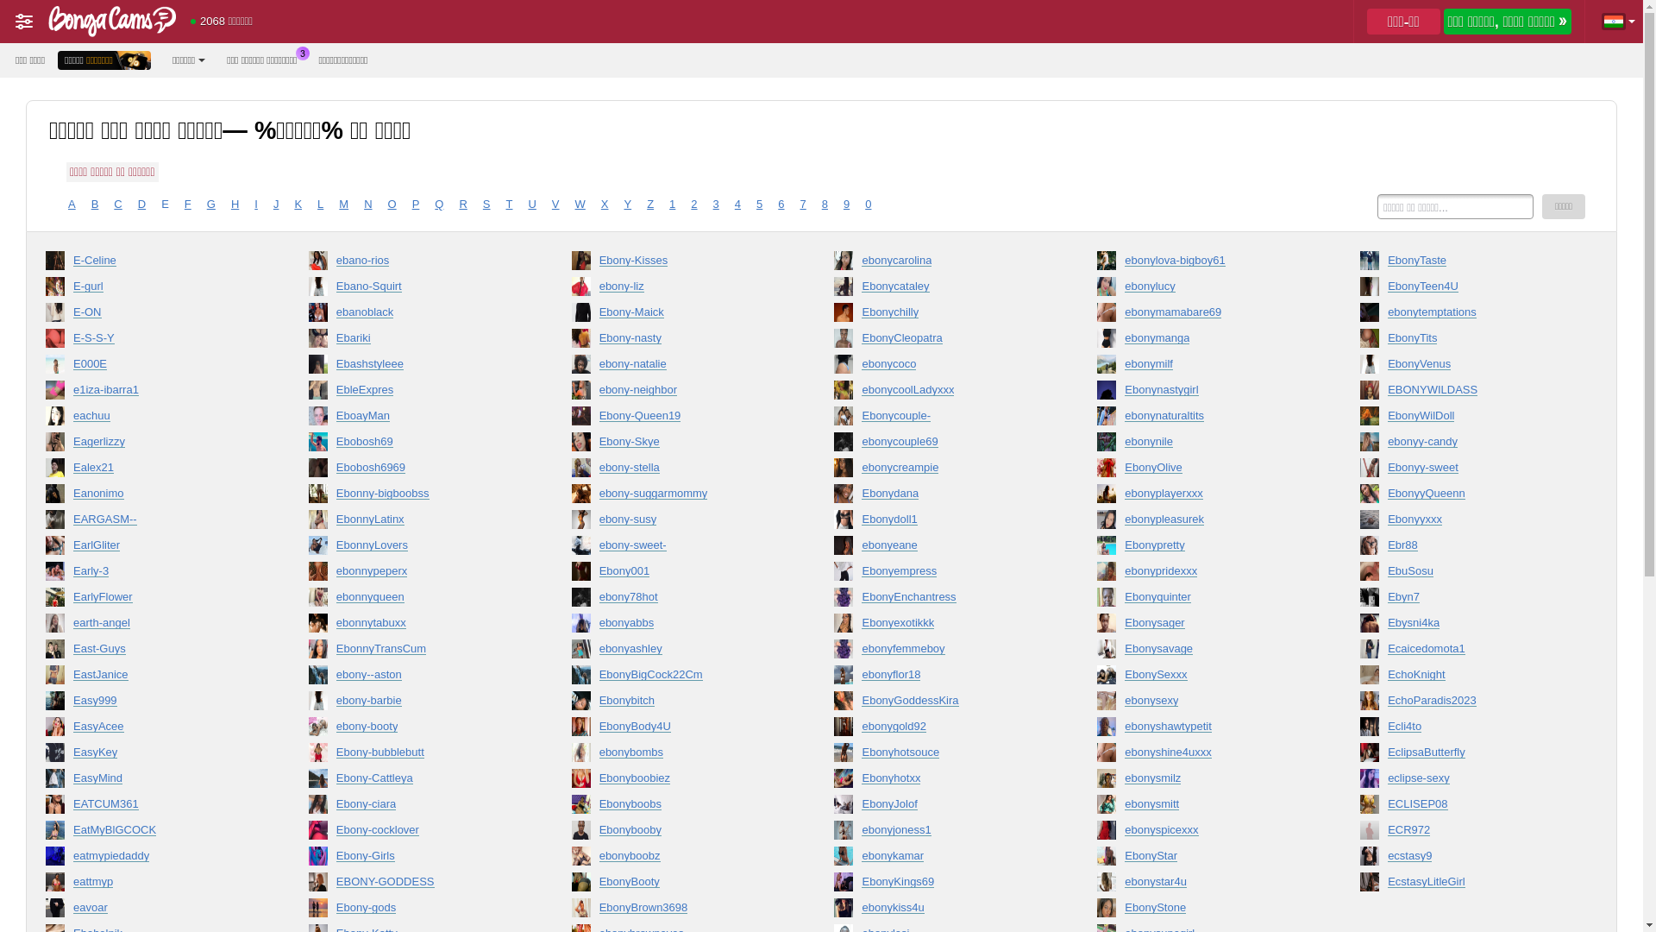 The width and height of the screenshot is (1656, 932). I want to click on 'ebonynile', so click(1203, 444).